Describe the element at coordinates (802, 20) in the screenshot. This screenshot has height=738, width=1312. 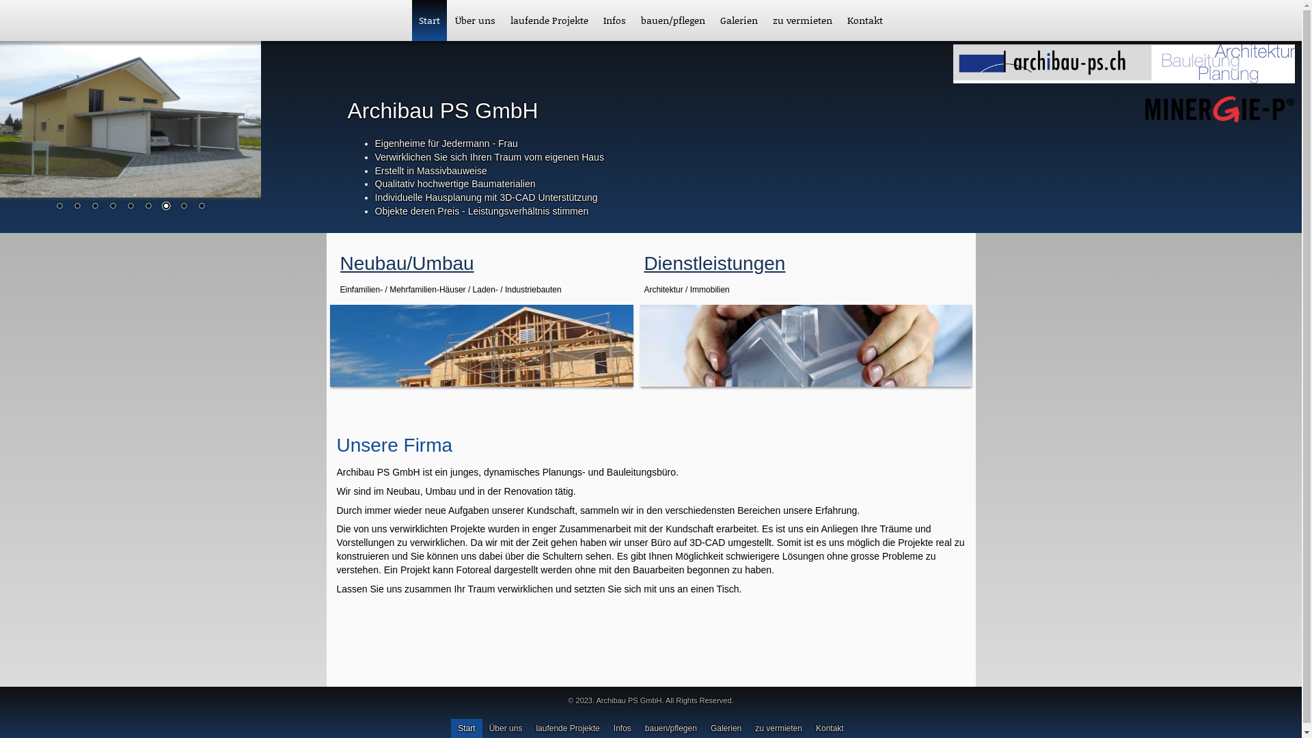
I see `'zu vermieten'` at that location.